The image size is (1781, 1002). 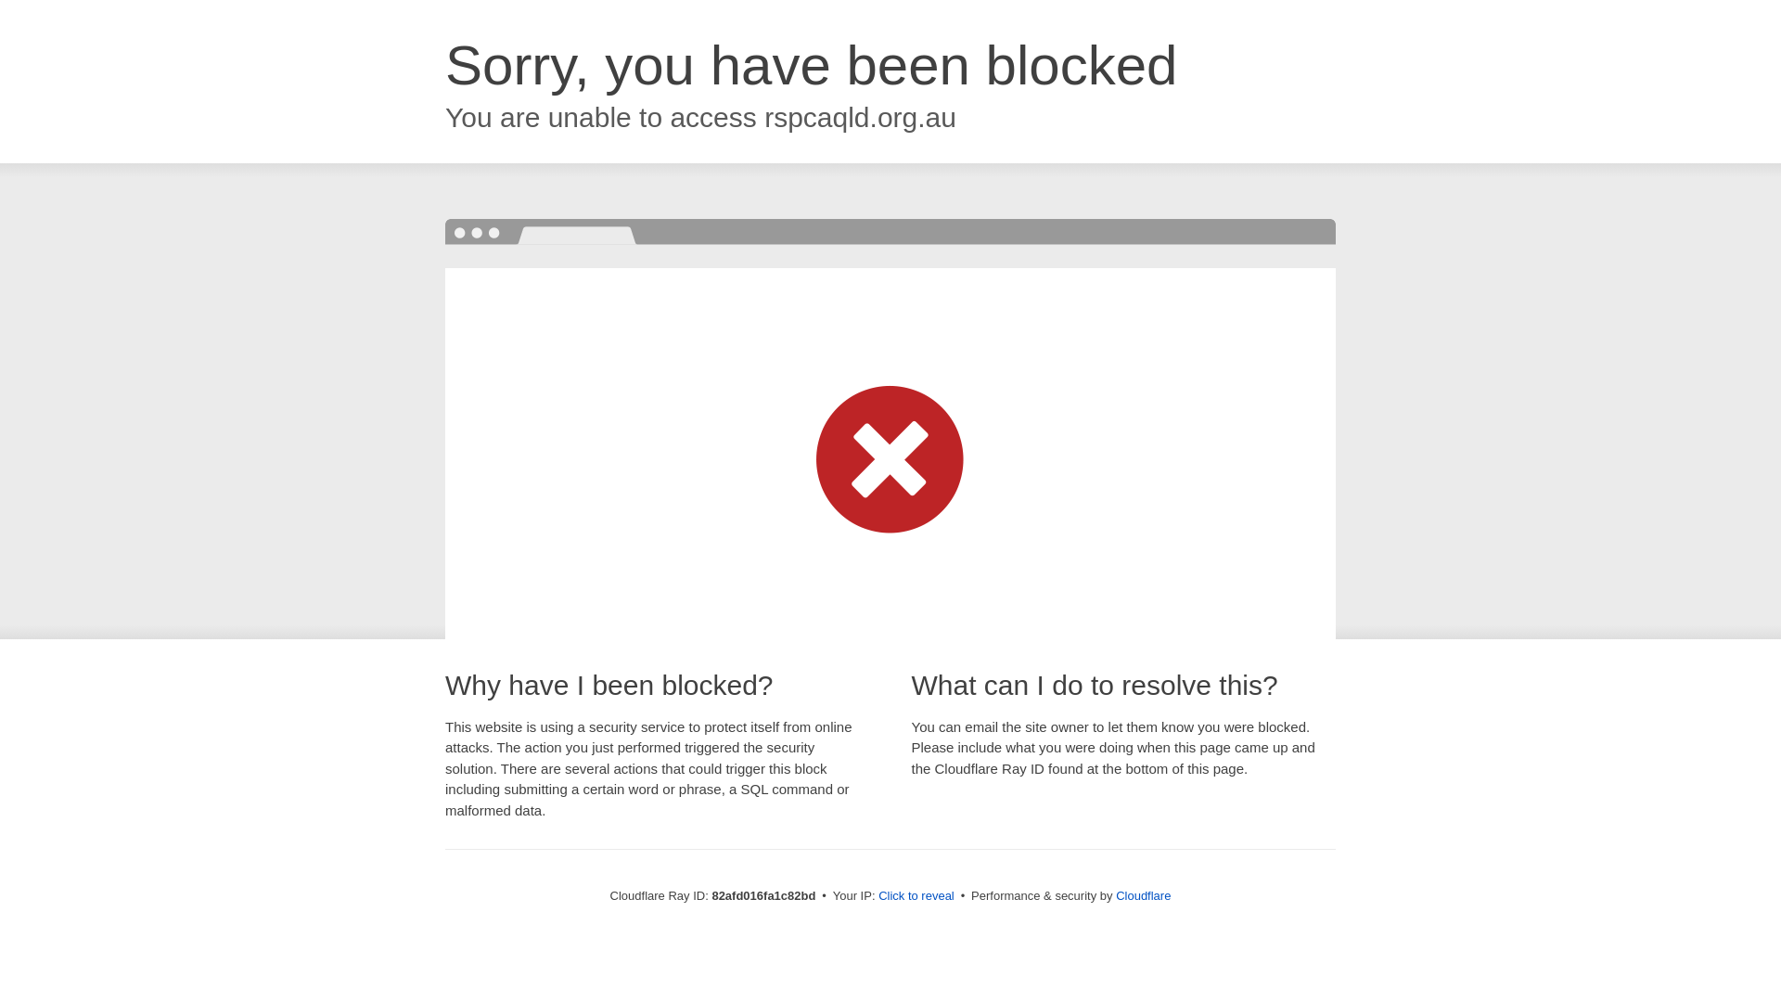 I want to click on 'Cloudflare', so click(x=1115, y=894).